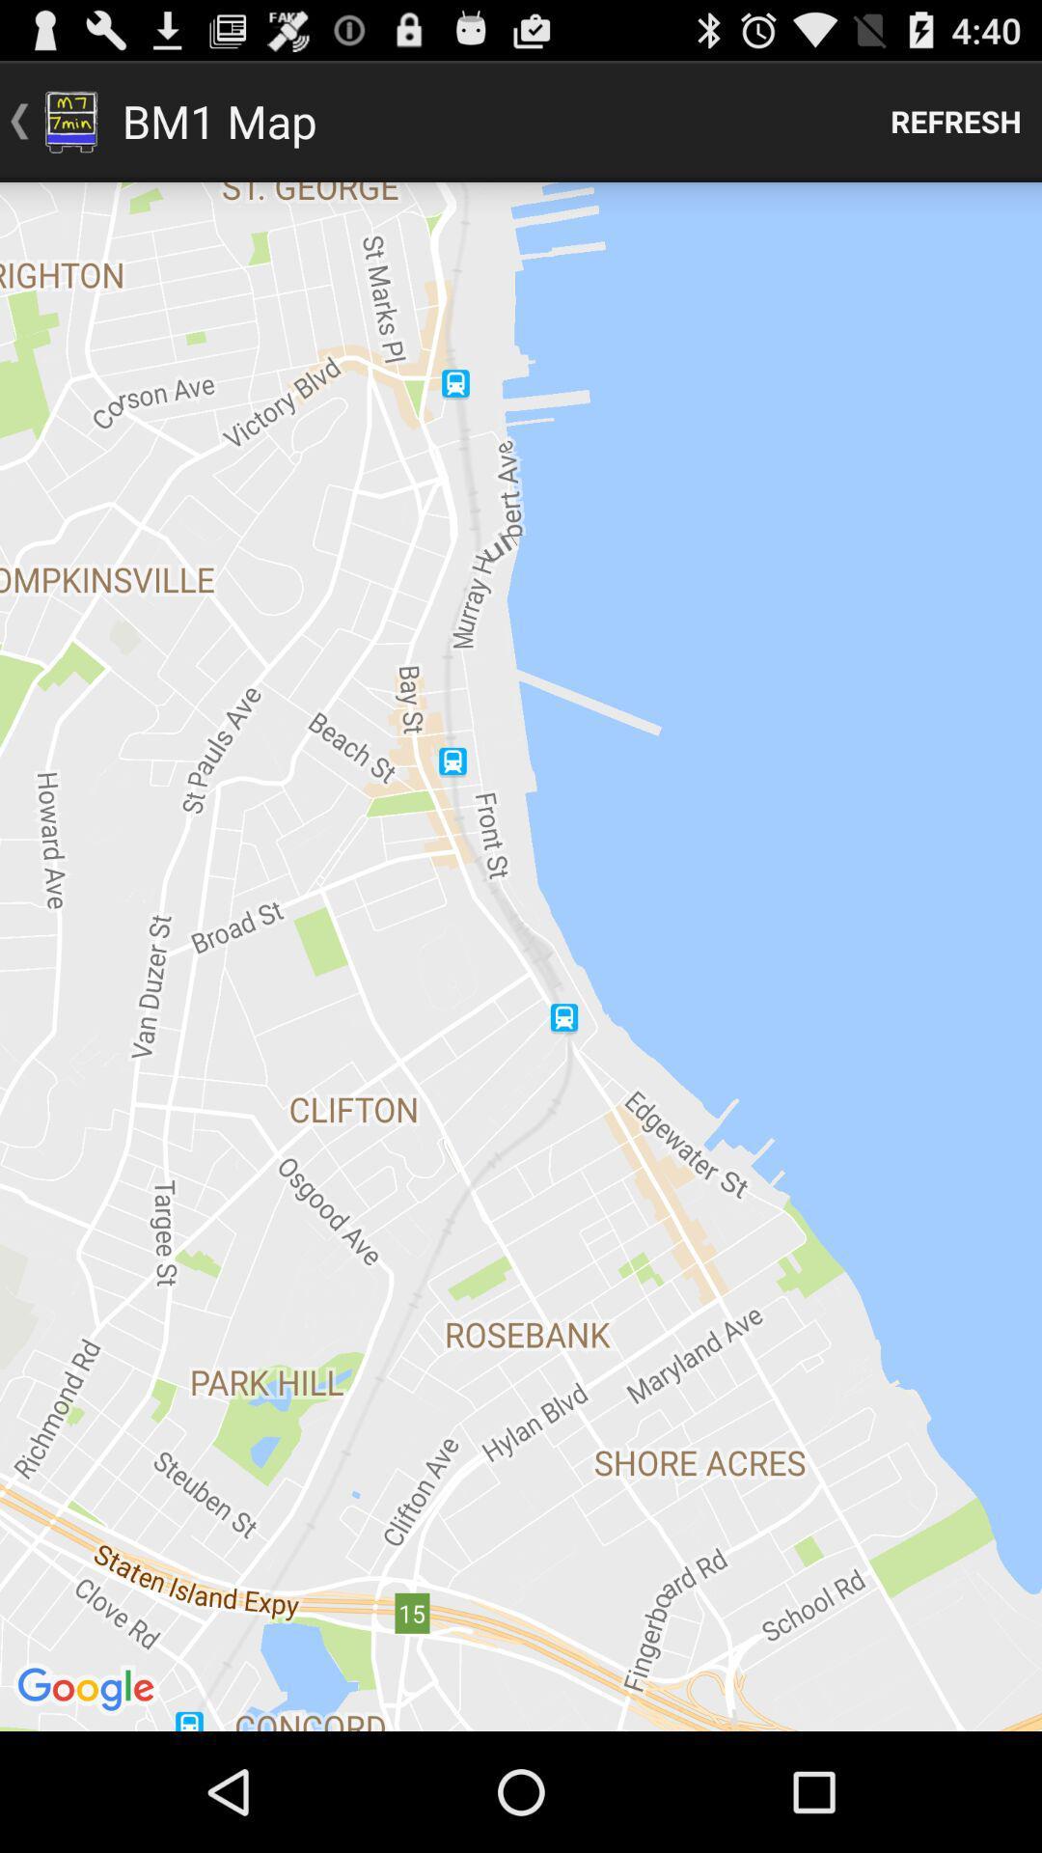  I want to click on refresh item, so click(956, 120).